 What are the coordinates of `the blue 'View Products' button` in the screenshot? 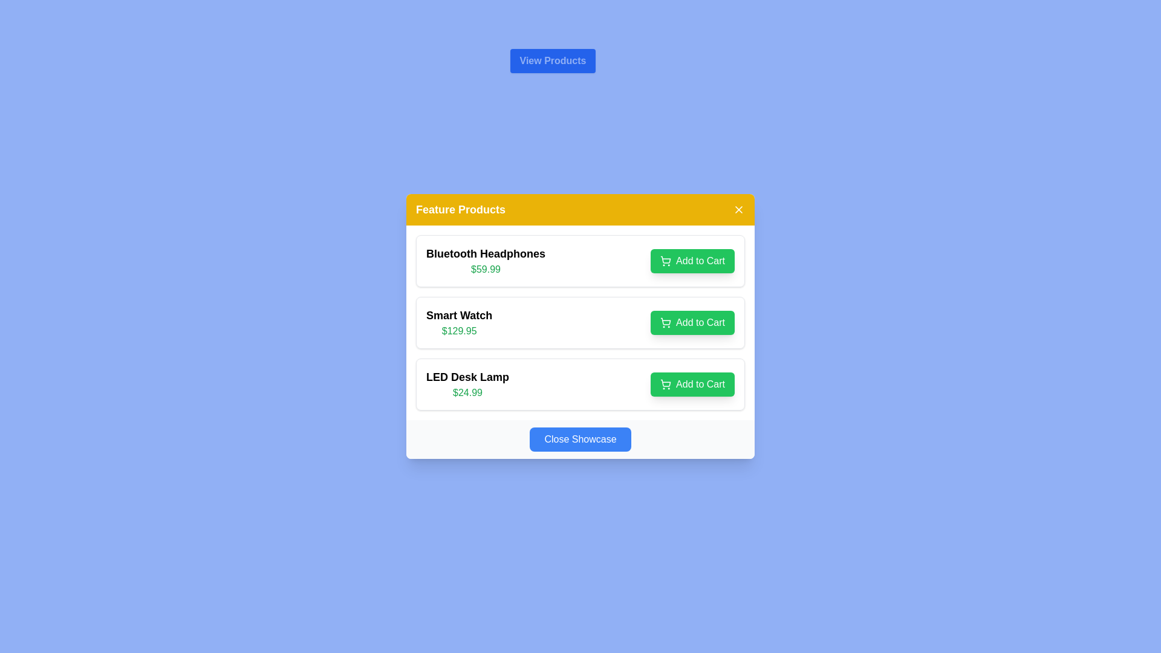 It's located at (552, 60).